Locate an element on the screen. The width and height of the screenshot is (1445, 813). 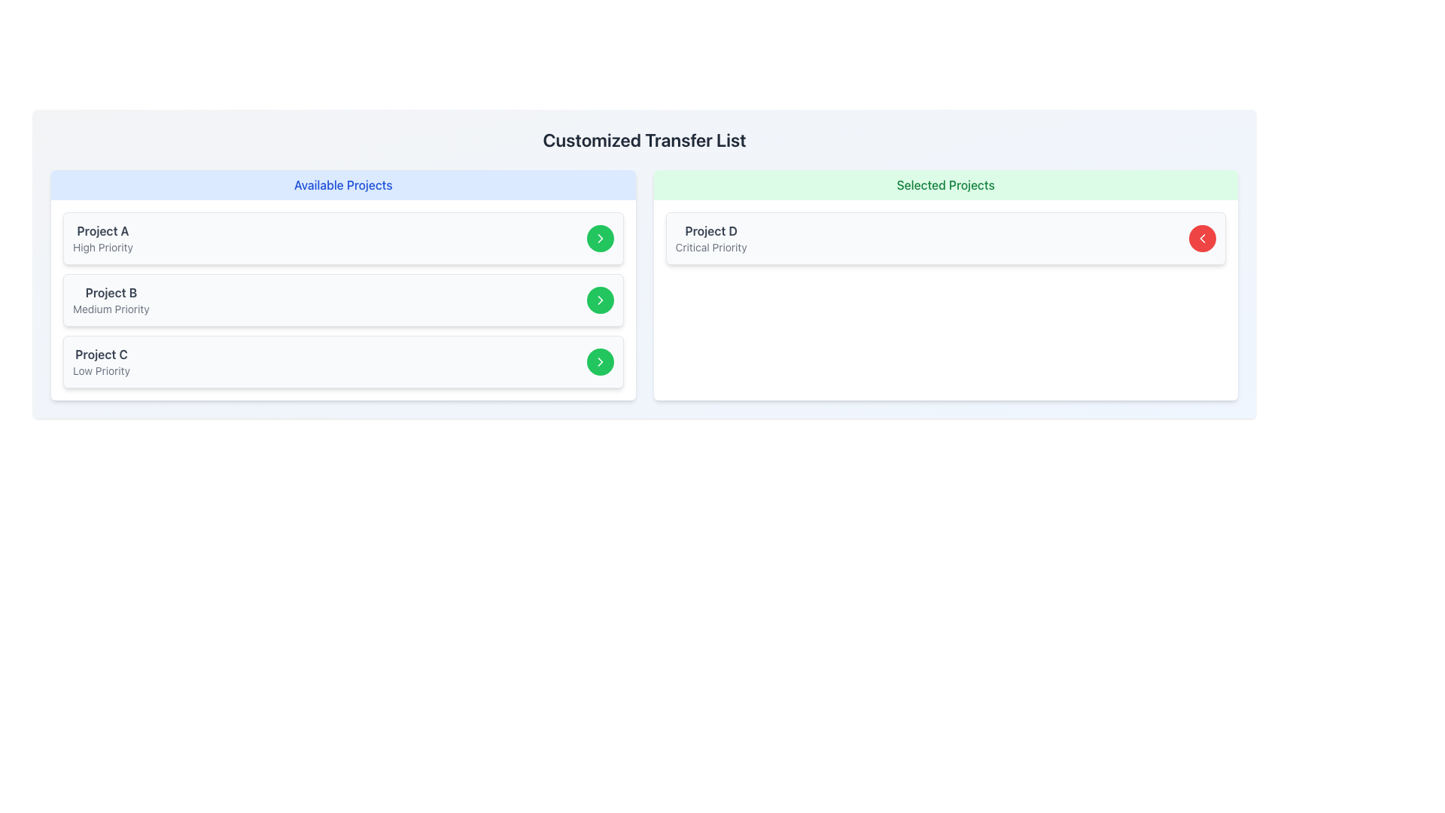
the button located at the far right edge of the 'Project A High Priority' card in the 'Available Projects' section is located at coordinates (599, 237).